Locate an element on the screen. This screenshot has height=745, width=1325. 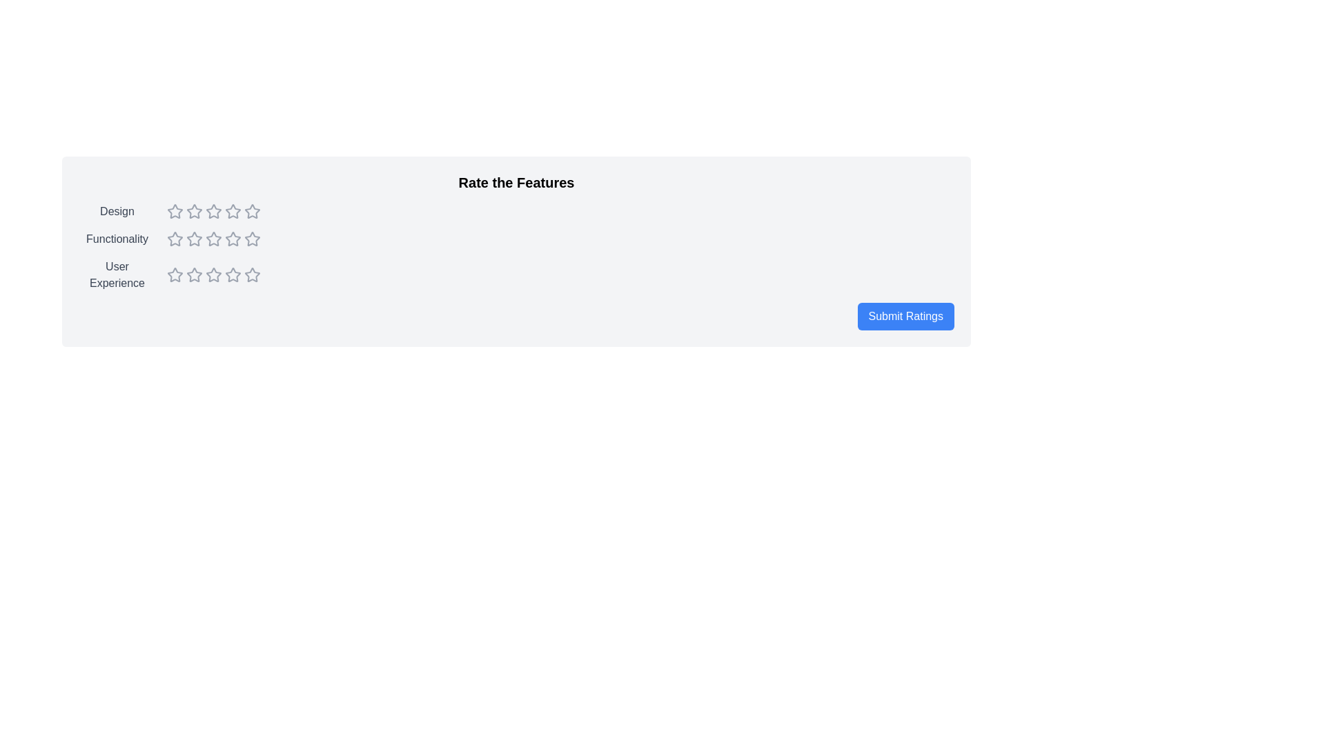
the fourth star in the 'Functionality' rating section is located at coordinates (252, 238).